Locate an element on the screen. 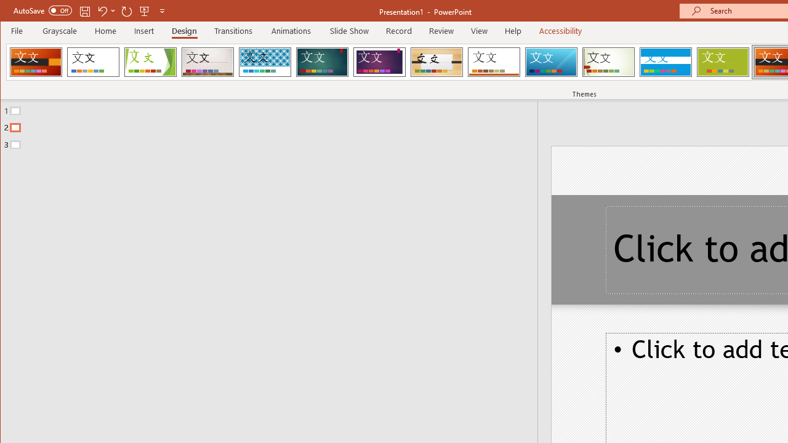 Image resolution: width=788 pixels, height=443 pixels. 'Banded' is located at coordinates (665, 62).